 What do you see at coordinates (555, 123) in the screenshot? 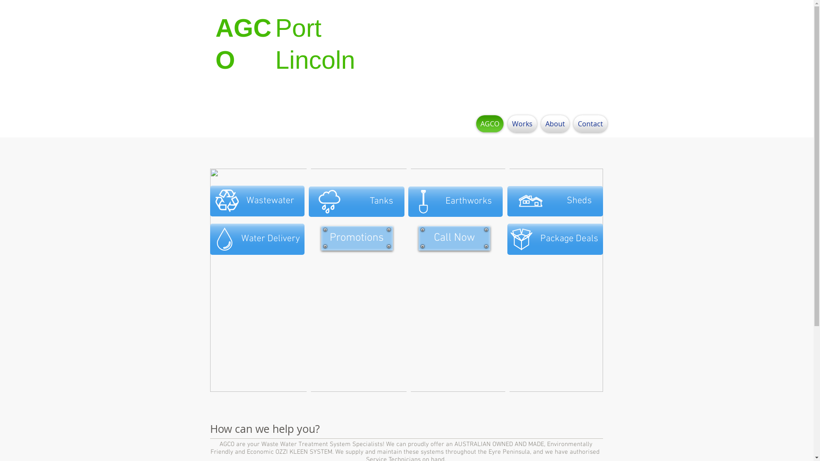
I see `'About'` at bounding box center [555, 123].